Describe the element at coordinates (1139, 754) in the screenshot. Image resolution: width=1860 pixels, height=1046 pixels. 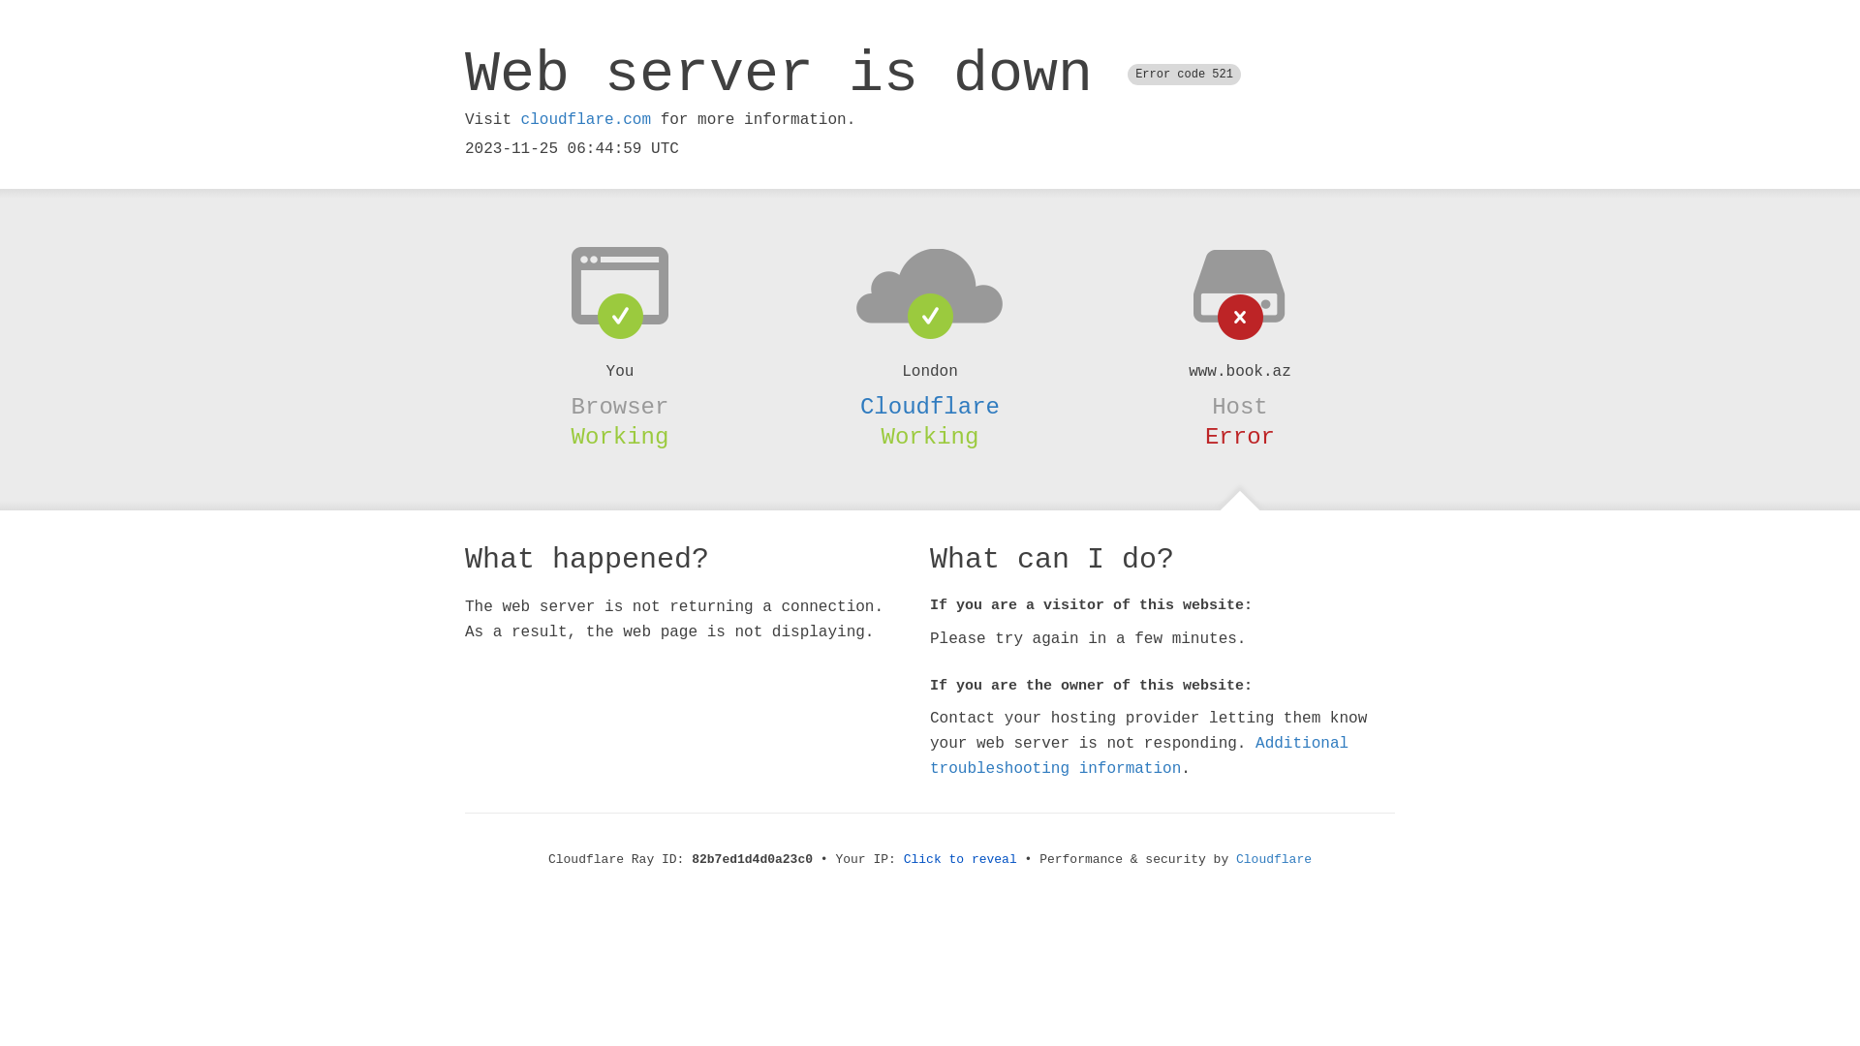
I see `'Additional troubleshooting information'` at that location.